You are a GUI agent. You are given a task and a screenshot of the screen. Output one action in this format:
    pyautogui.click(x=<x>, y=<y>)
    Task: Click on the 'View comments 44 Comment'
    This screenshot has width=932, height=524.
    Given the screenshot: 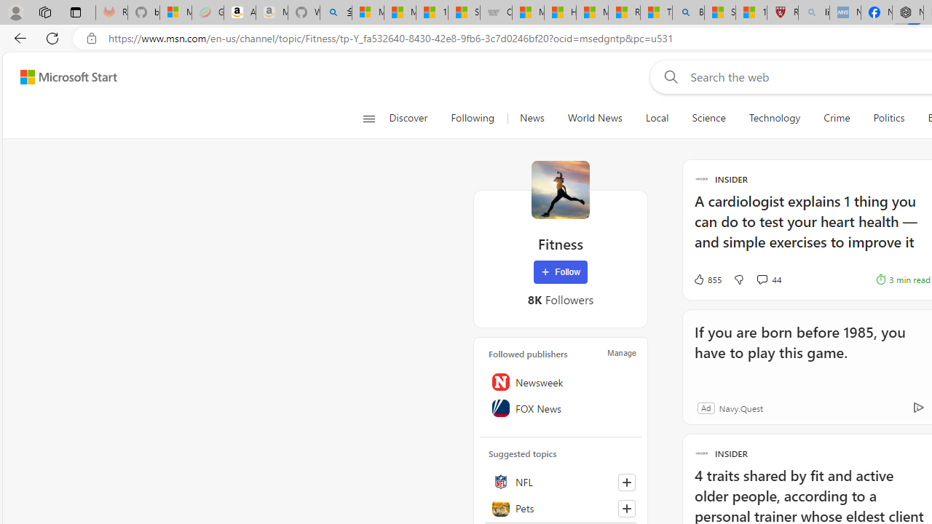 What is the action you would take?
    pyautogui.click(x=768, y=279)
    